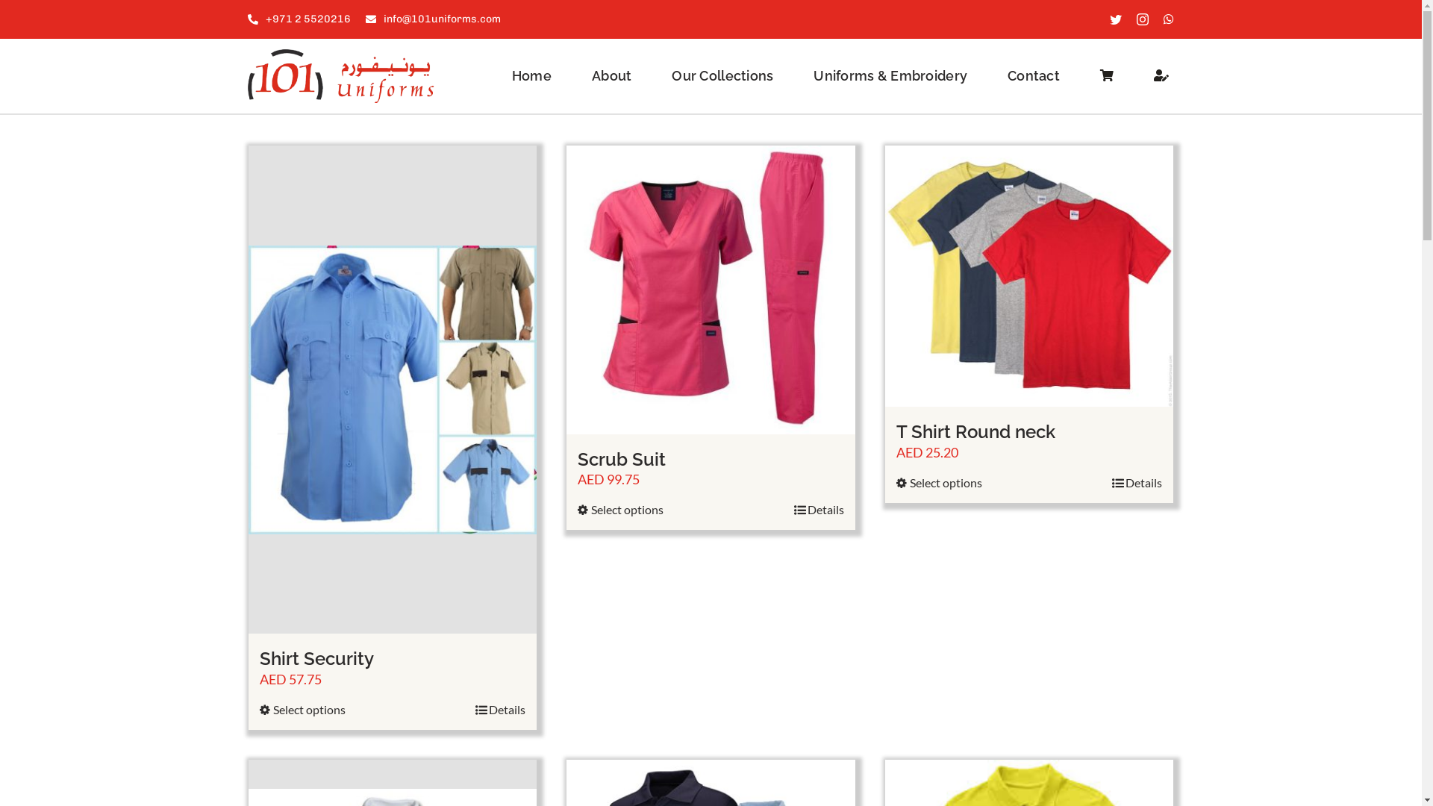 Image resolution: width=1433 pixels, height=806 pixels. What do you see at coordinates (622, 458) in the screenshot?
I see `'Scrub Suit'` at bounding box center [622, 458].